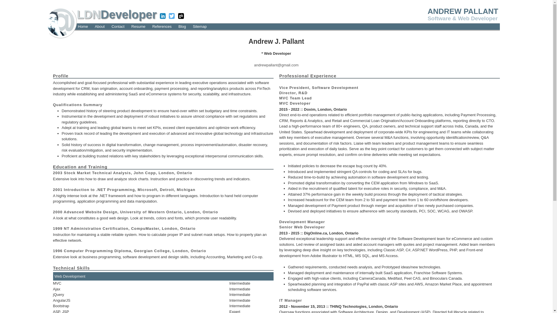  I want to click on 'Click to visit the home of Andrew Pallant @LdnDeveloper', so click(60, 21).